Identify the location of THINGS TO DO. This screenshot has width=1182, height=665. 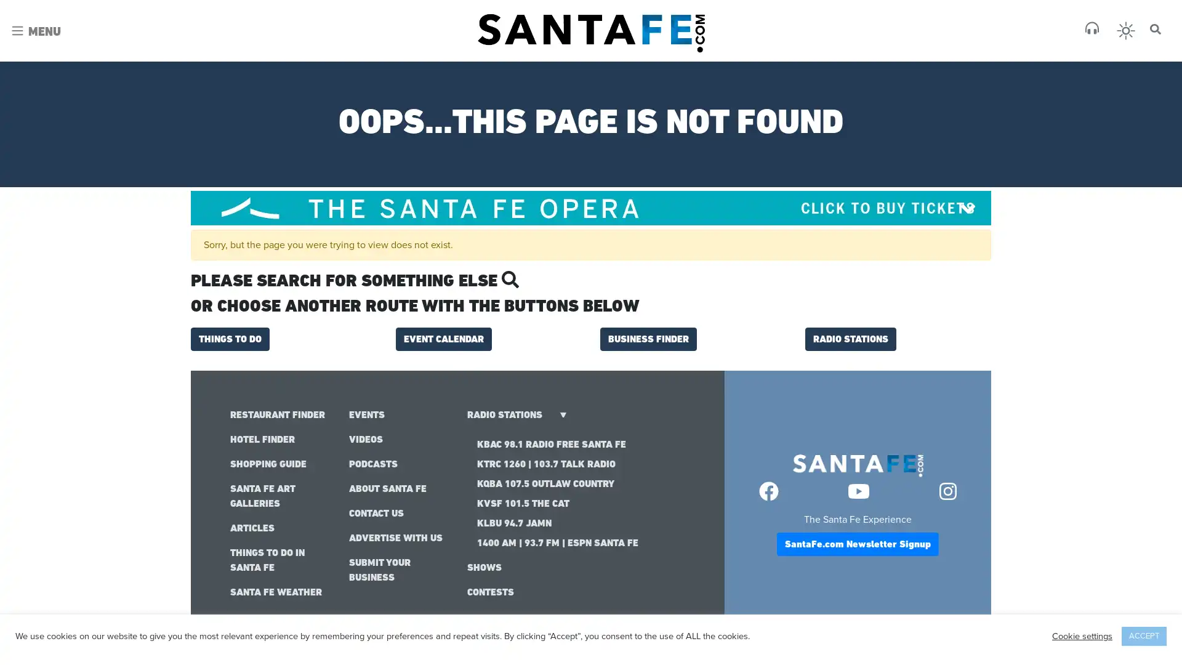
(230, 339).